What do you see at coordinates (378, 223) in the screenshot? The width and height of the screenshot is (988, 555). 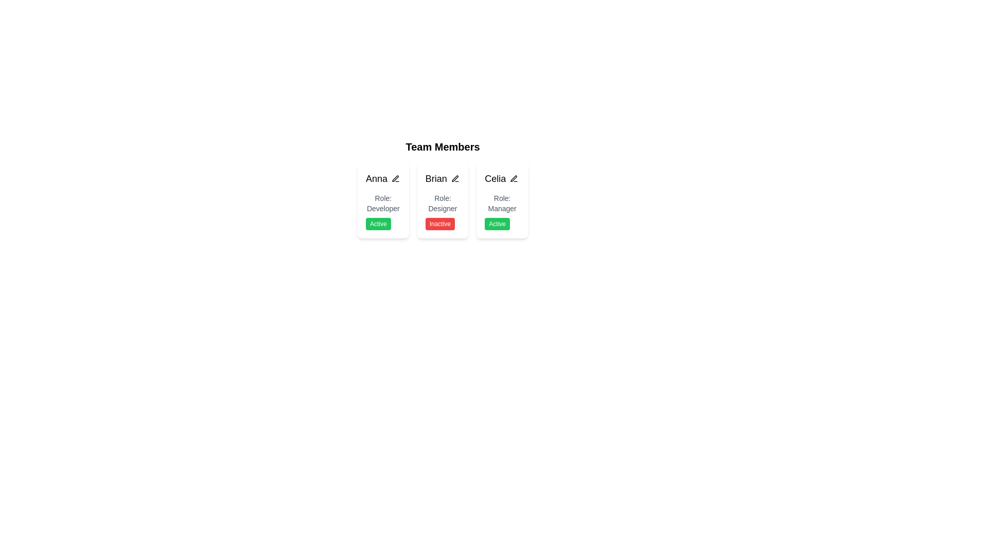 I see `the Status badge indicating 'Active' located beneath the 'Role: Developer' label on the card labeled 'Anna', which is the first card in a three-card layout` at bounding box center [378, 223].